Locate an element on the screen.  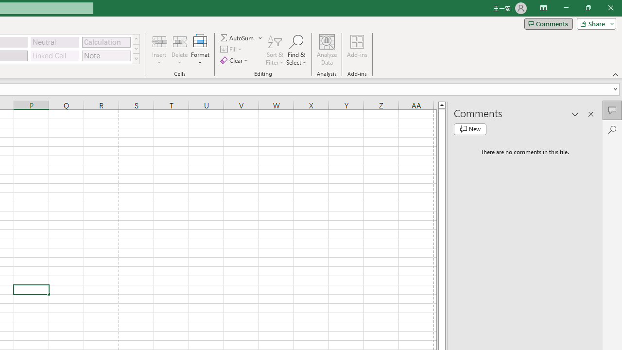
'Neutral' is located at coordinates (54, 41).